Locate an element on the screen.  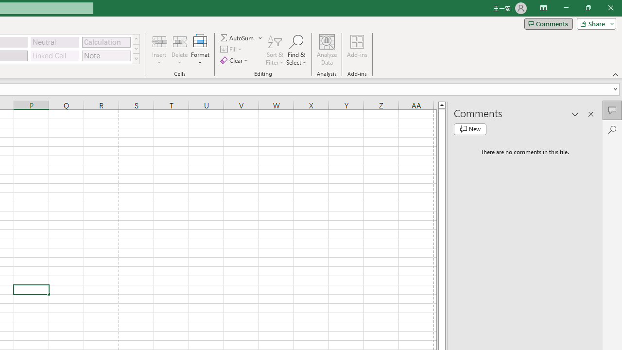
'Neutral' is located at coordinates (54, 41).